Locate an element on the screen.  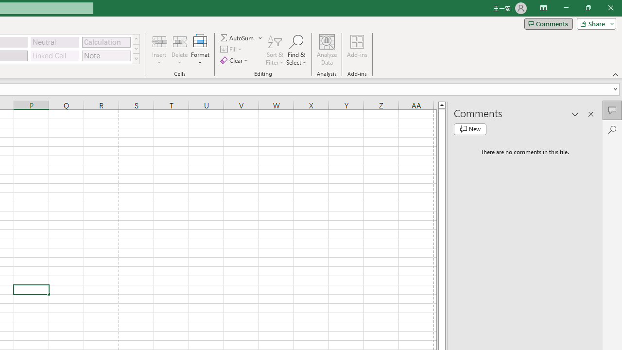
'Neutral' is located at coordinates (54, 41).